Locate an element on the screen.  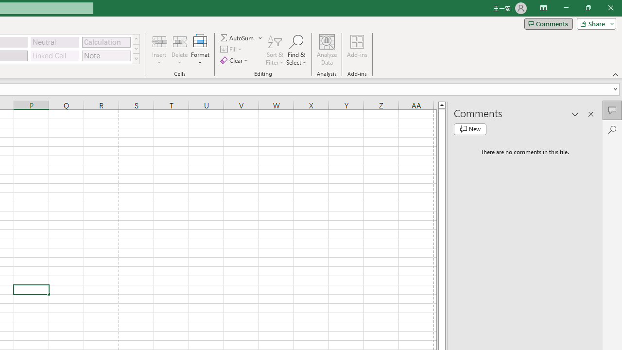
'Neutral' is located at coordinates (54, 41).